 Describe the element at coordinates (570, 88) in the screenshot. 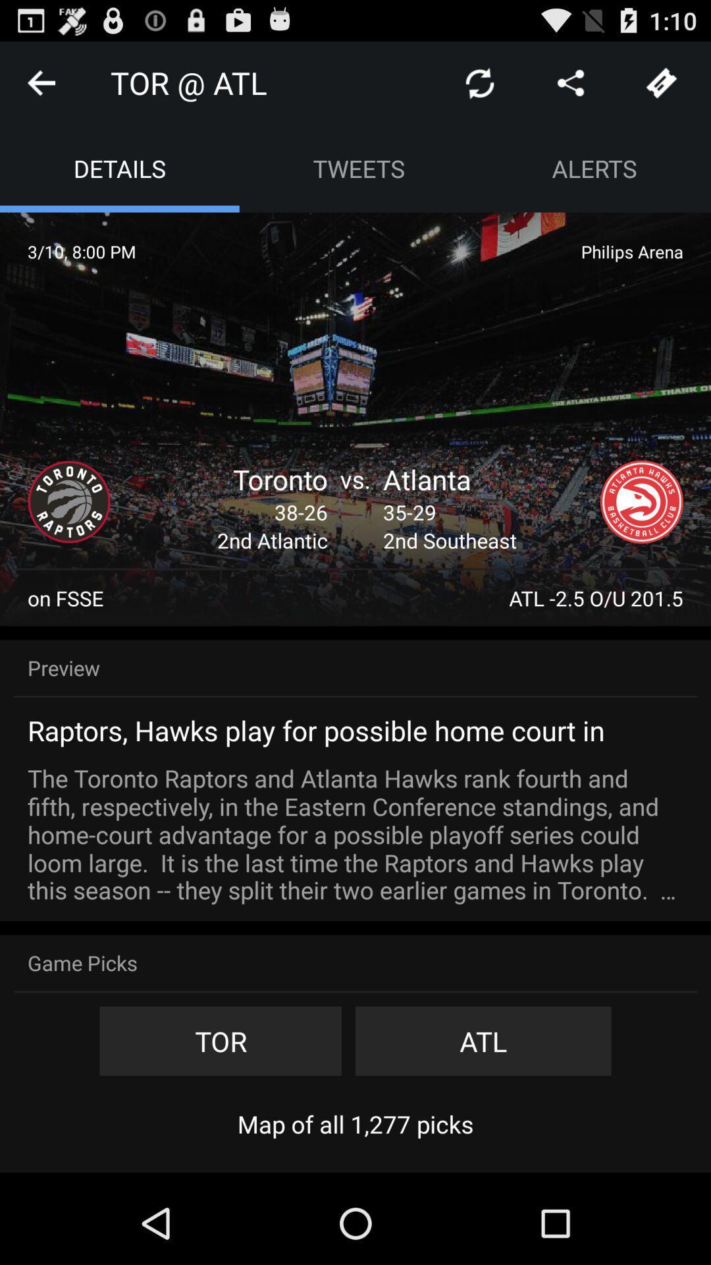

I see `the share icon` at that location.